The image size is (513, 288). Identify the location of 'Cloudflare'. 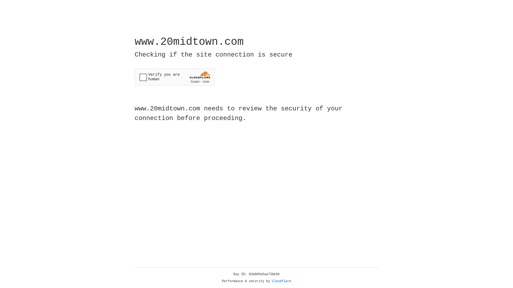
(281, 281).